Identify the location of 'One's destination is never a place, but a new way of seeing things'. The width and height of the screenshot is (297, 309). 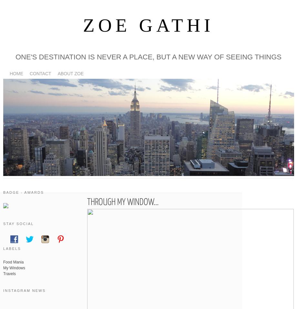
(15, 57).